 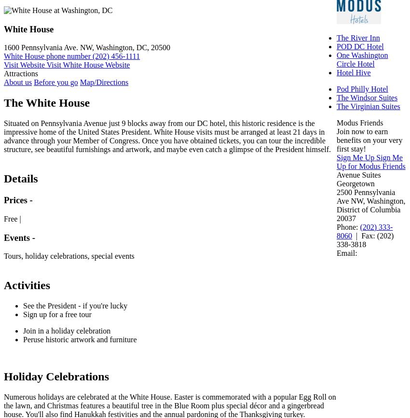 What do you see at coordinates (365, 240) in the screenshot?
I see `'(202) 338-3818'` at bounding box center [365, 240].